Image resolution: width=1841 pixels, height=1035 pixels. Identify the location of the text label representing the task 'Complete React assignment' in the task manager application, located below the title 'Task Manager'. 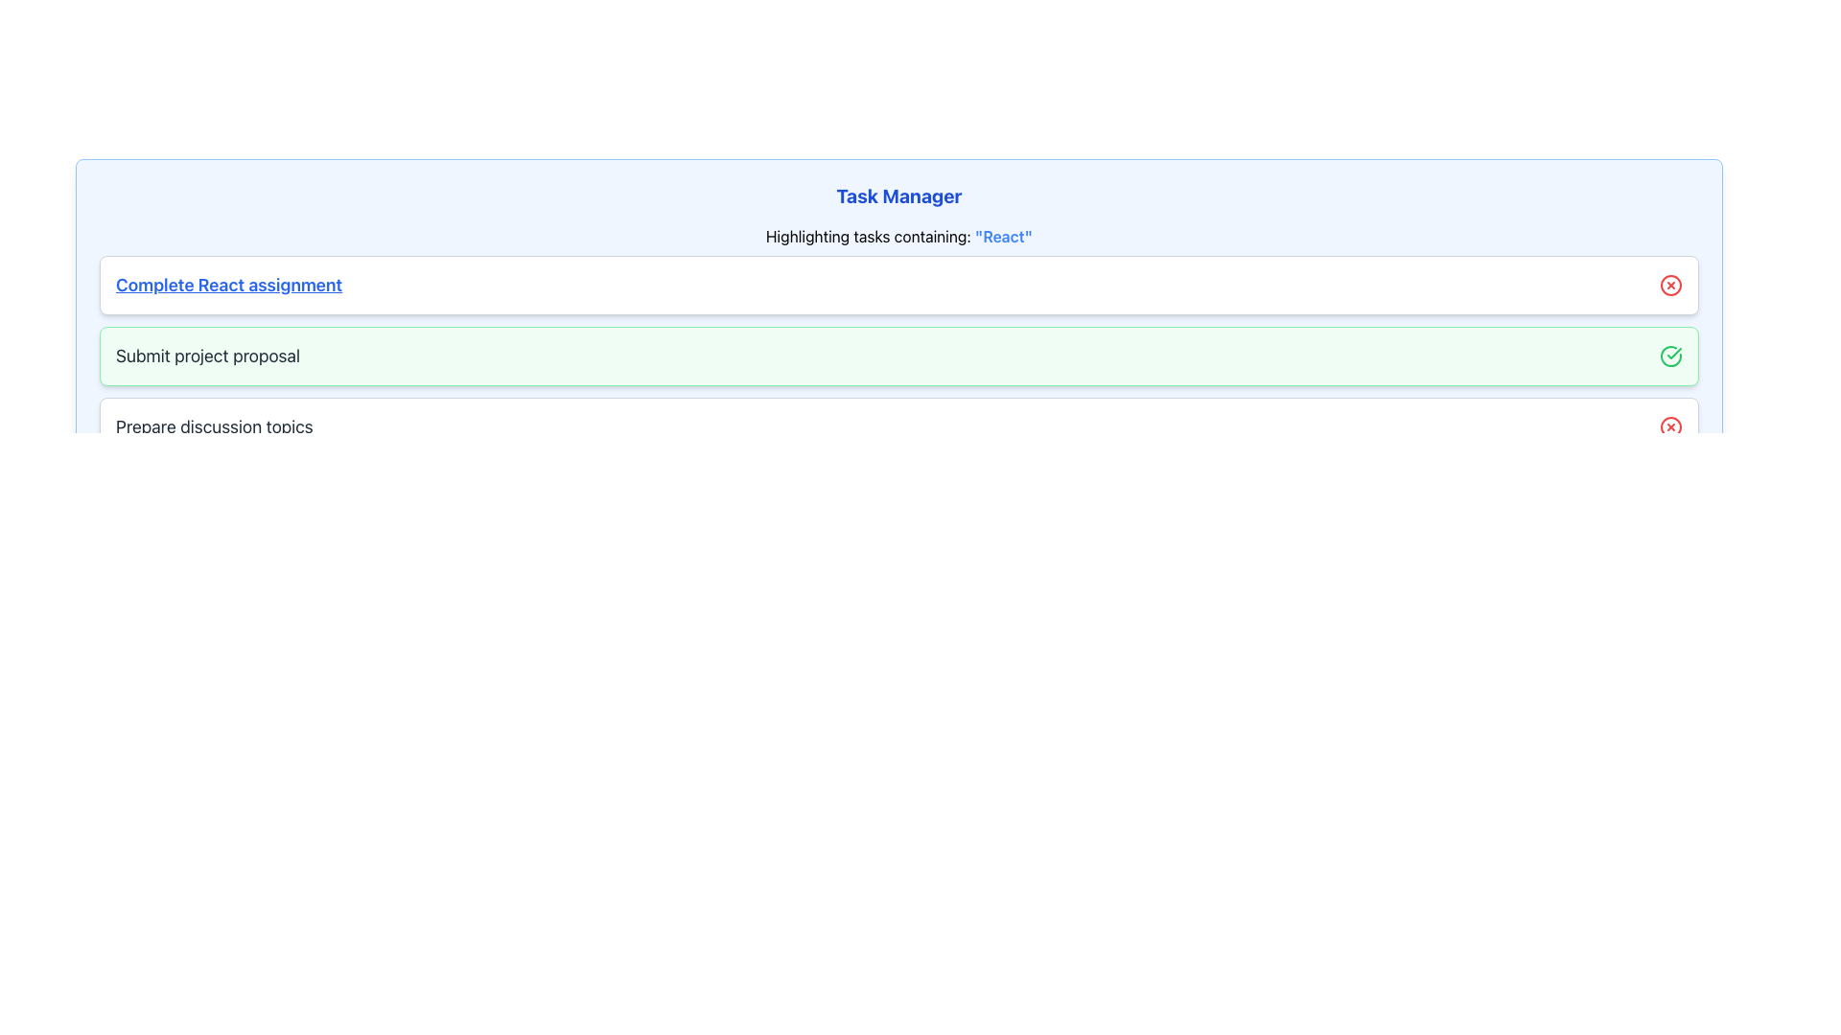
(229, 285).